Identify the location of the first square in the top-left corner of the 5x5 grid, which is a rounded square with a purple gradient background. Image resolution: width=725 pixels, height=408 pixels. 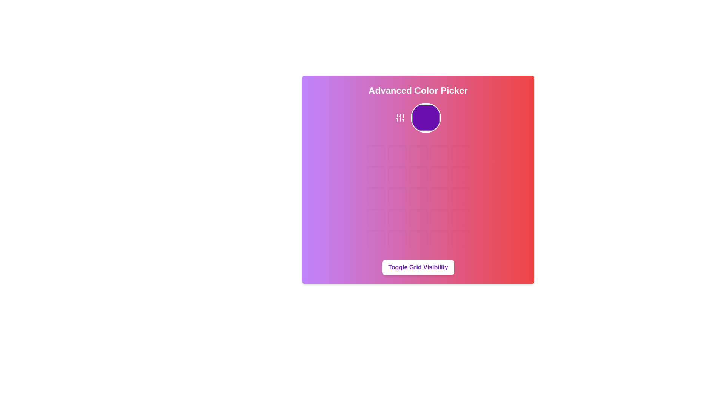
(376, 154).